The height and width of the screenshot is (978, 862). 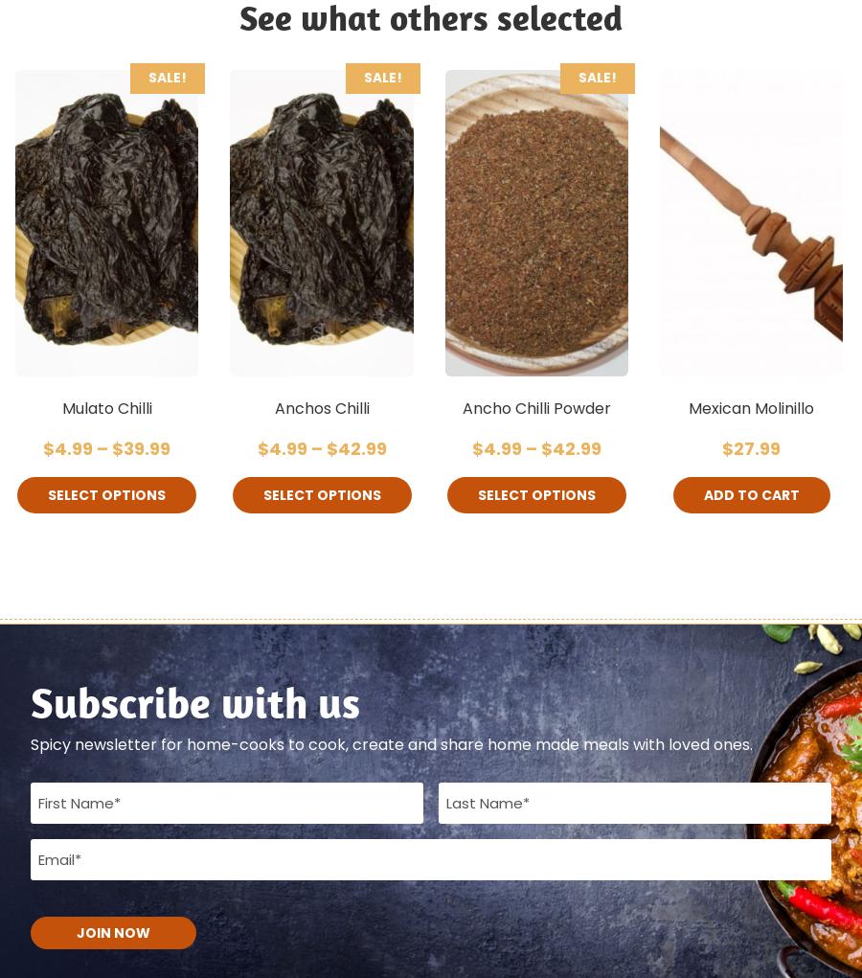 What do you see at coordinates (147, 447) in the screenshot?
I see `'39.99'` at bounding box center [147, 447].